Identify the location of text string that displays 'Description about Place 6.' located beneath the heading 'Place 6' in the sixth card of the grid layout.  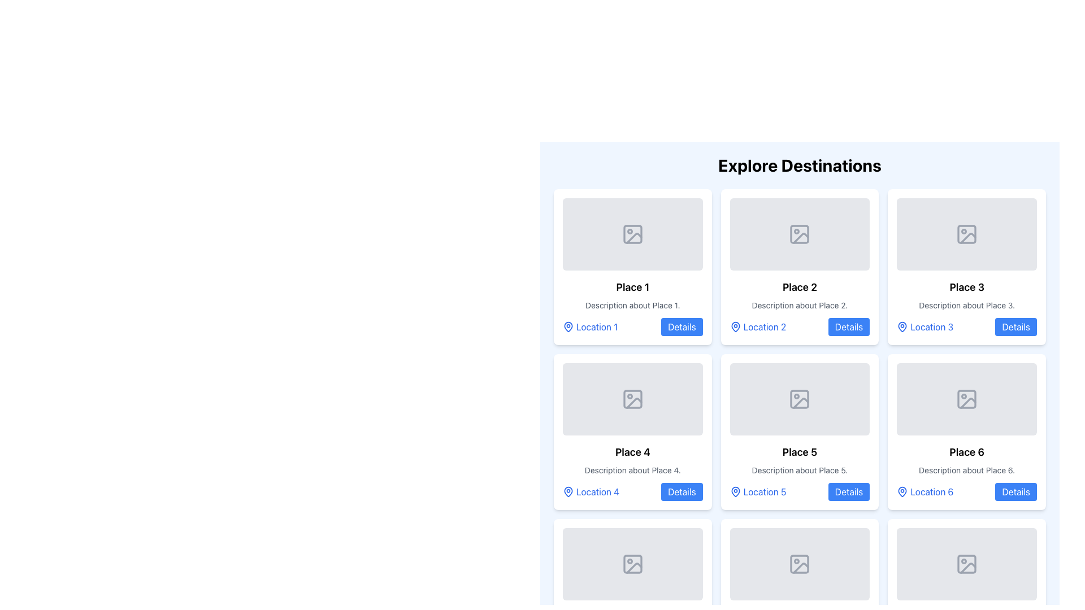
(966, 470).